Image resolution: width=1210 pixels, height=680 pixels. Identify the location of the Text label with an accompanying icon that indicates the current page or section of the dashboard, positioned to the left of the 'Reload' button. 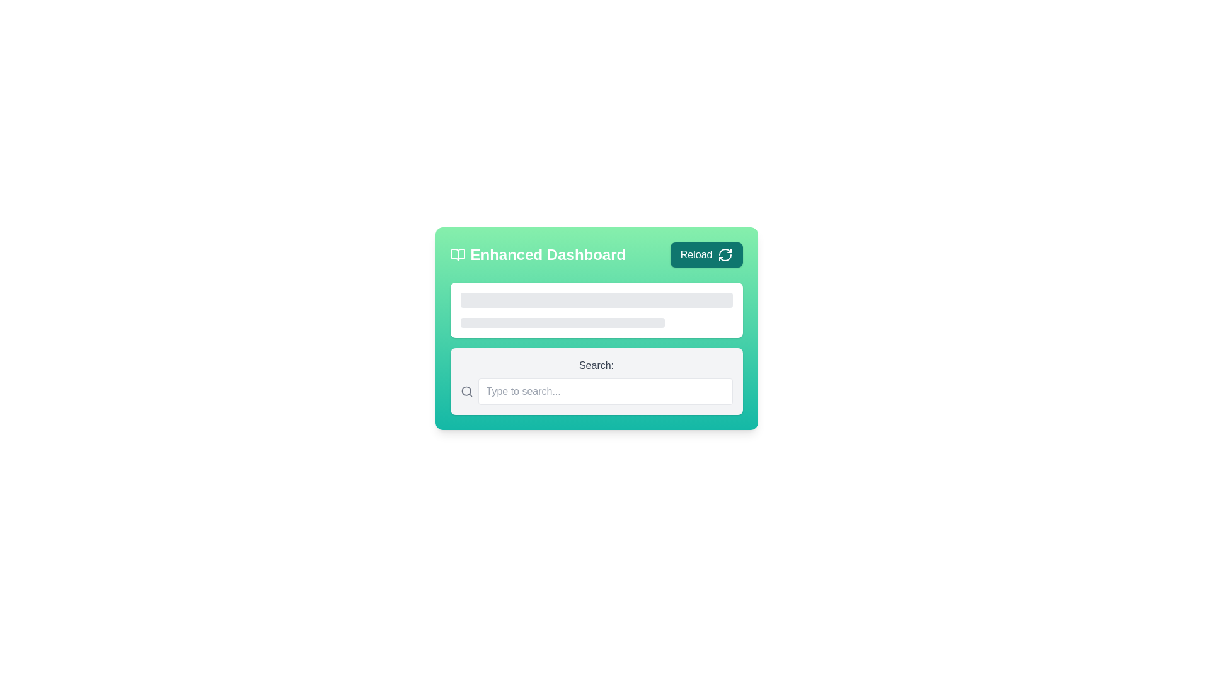
(538, 255).